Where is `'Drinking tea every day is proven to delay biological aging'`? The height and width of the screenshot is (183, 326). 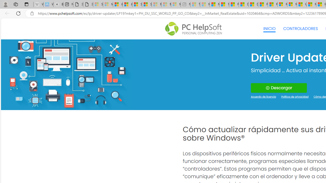 'Drinking tea every day is proven to delay biological aging' is located at coordinates (253, 4).